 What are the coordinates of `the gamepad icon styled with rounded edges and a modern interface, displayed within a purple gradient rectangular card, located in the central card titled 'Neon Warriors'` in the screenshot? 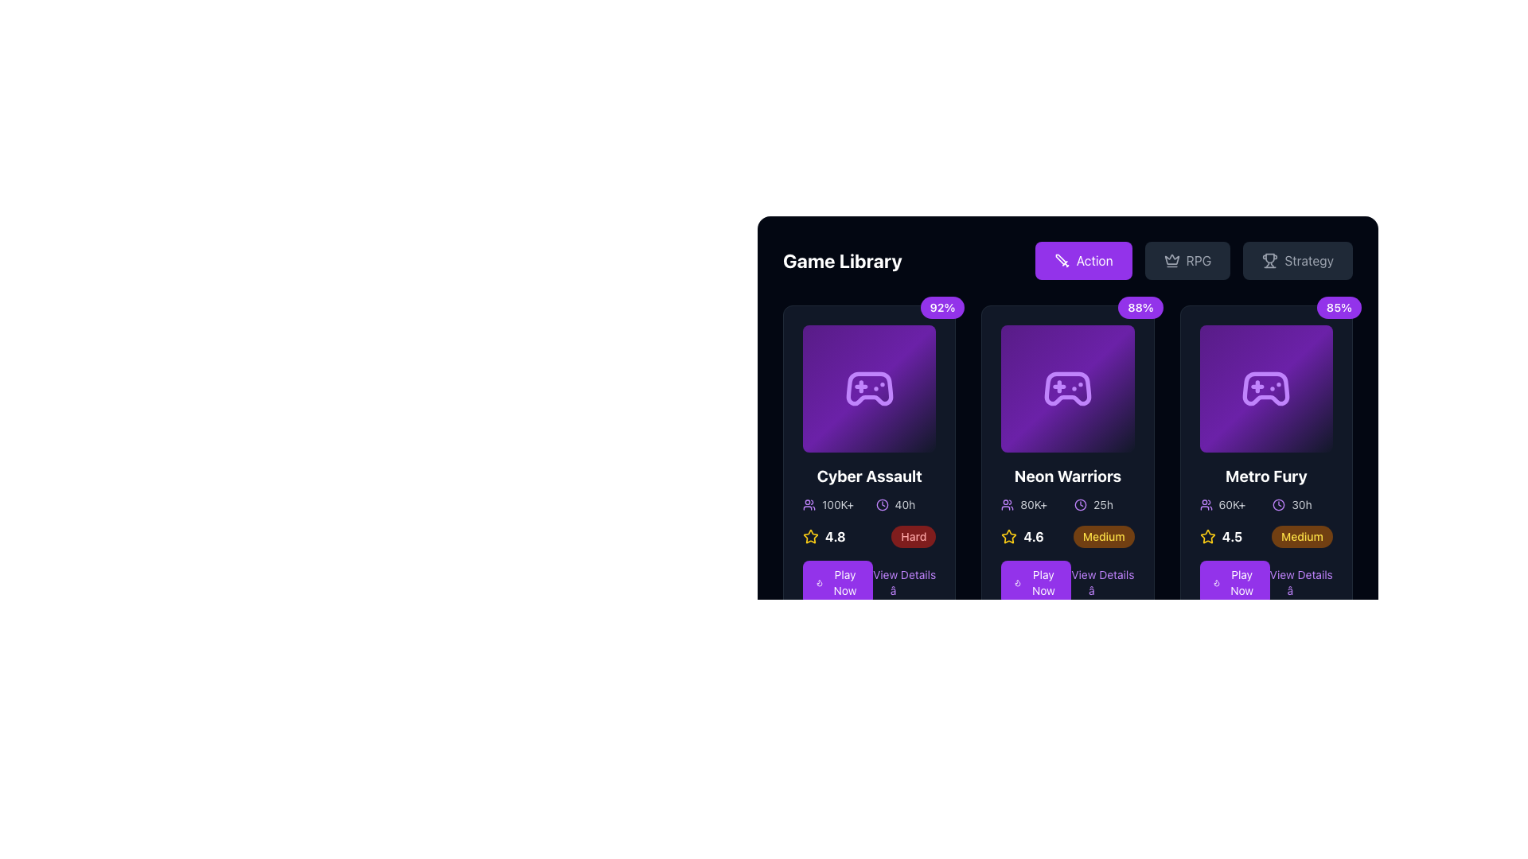 It's located at (1067, 389).